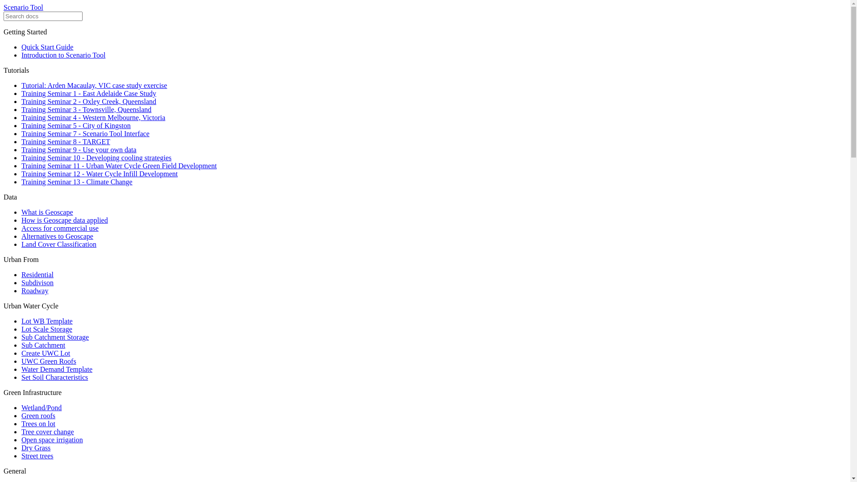 This screenshot has height=482, width=857. Describe the element at coordinates (51, 439) in the screenshot. I see `'Open space irrigation'` at that location.